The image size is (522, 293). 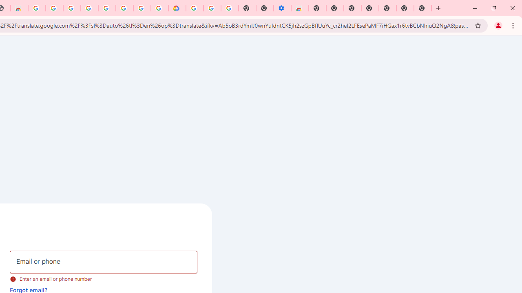 I want to click on 'Settings - Accessibility', so click(x=282, y=8).